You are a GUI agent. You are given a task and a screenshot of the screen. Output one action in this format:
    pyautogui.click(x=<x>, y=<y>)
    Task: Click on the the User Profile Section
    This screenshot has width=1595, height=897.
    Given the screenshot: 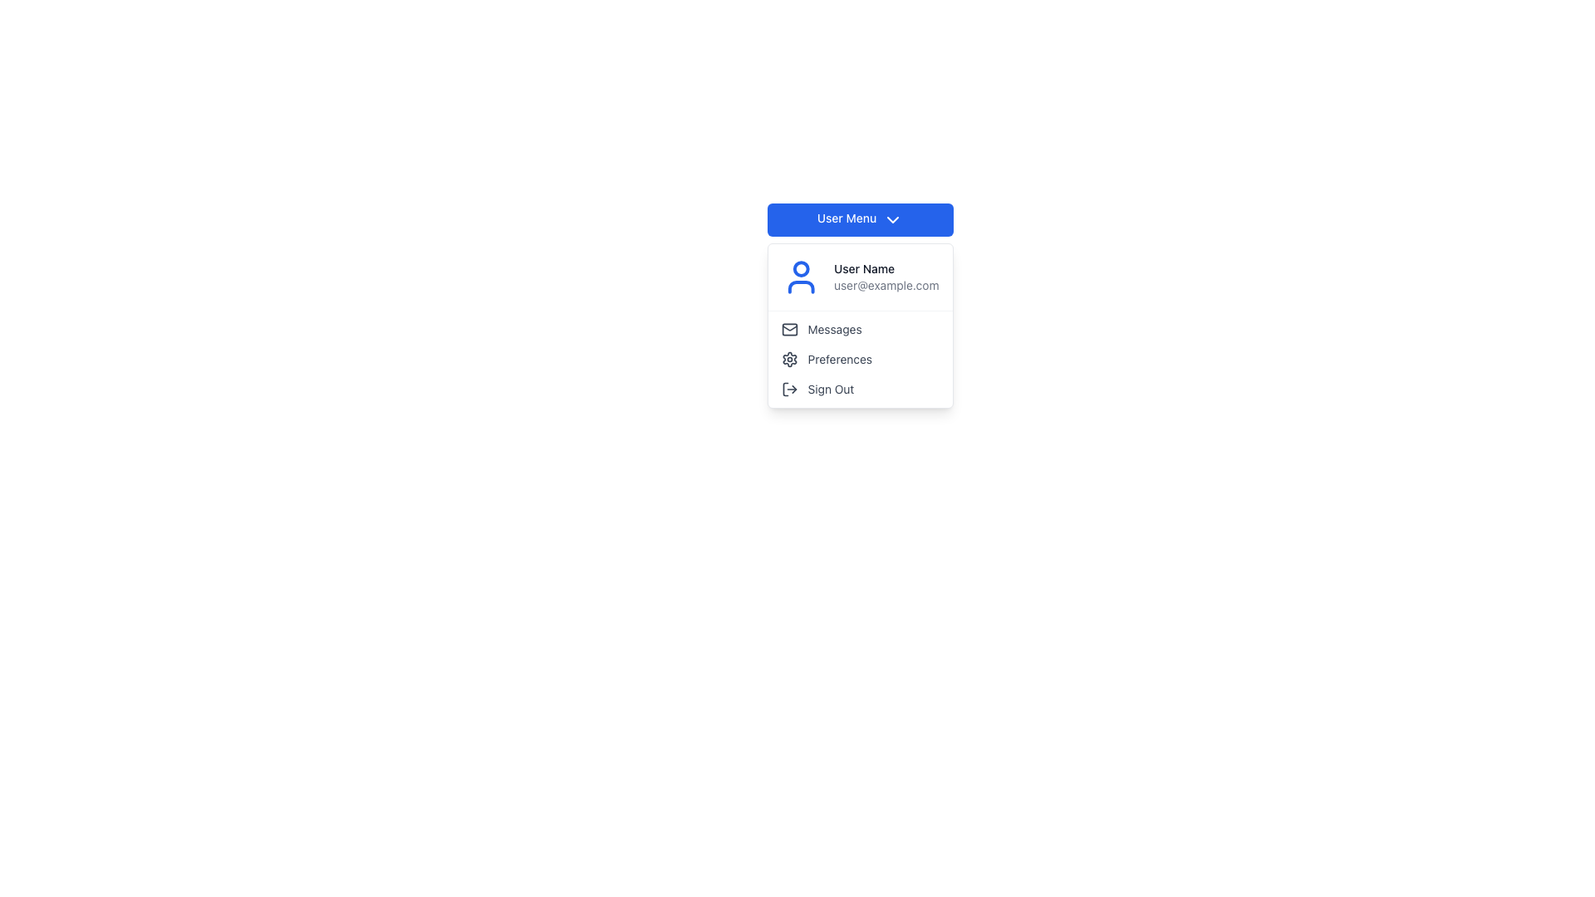 What is the action you would take?
    pyautogui.click(x=860, y=277)
    